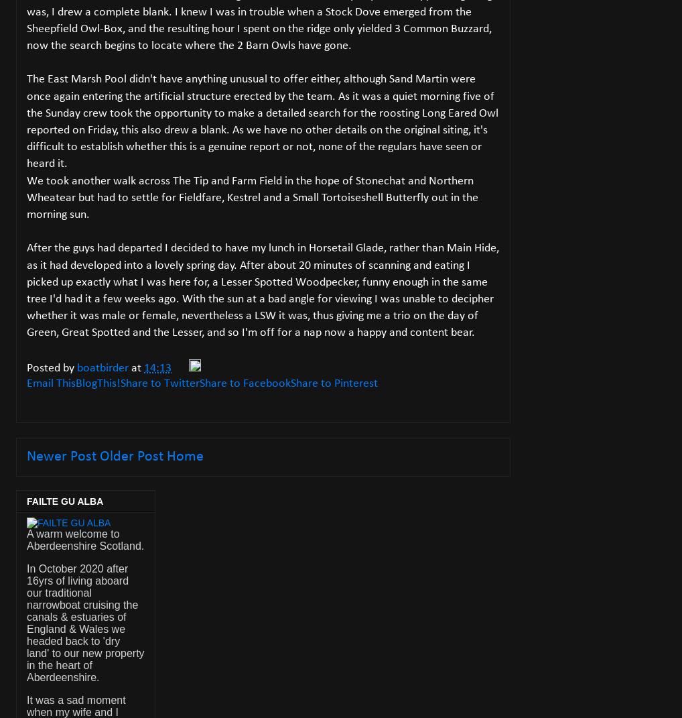  What do you see at coordinates (51, 383) in the screenshot?
I see `'Email This'` at bounding box center [51, 383].